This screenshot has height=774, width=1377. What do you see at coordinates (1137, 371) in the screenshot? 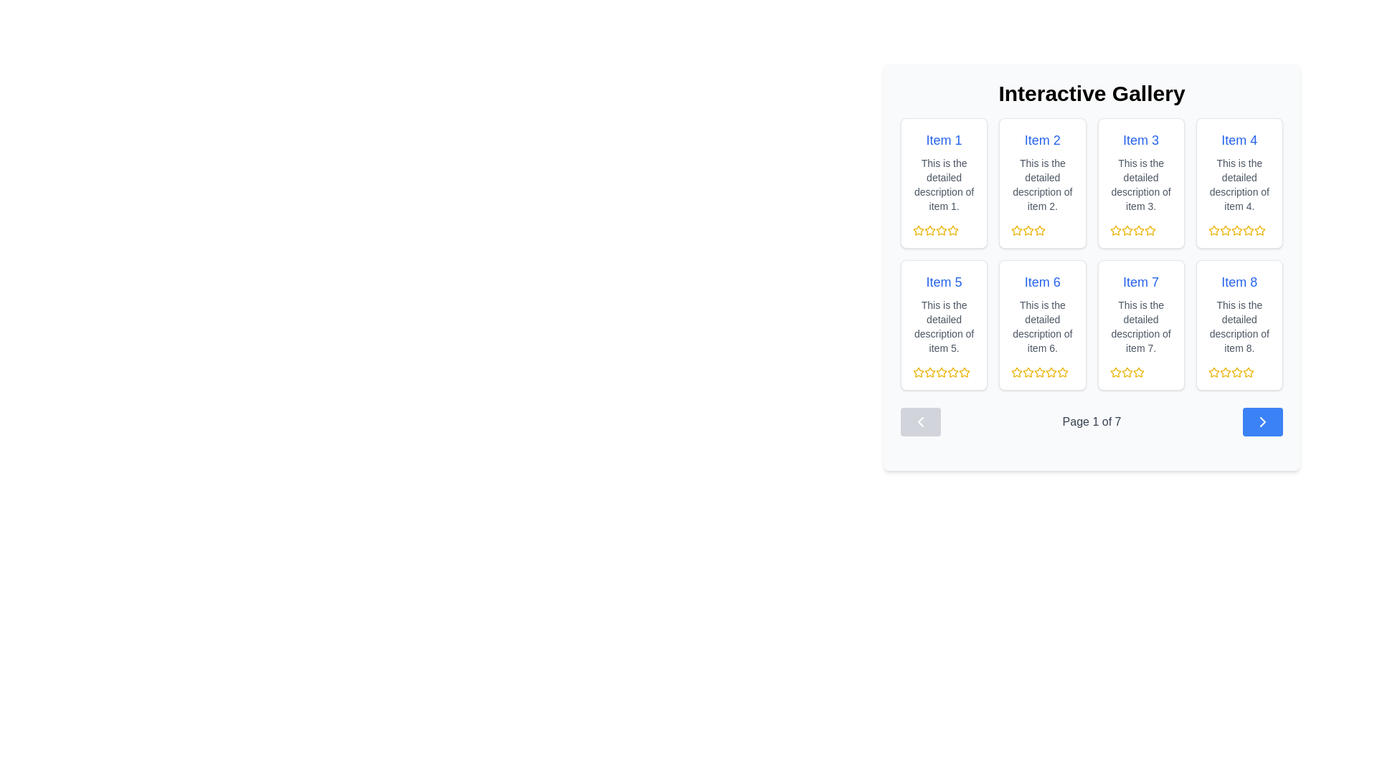
I see `keyboard navigation` at bounding box center [1137, 371].